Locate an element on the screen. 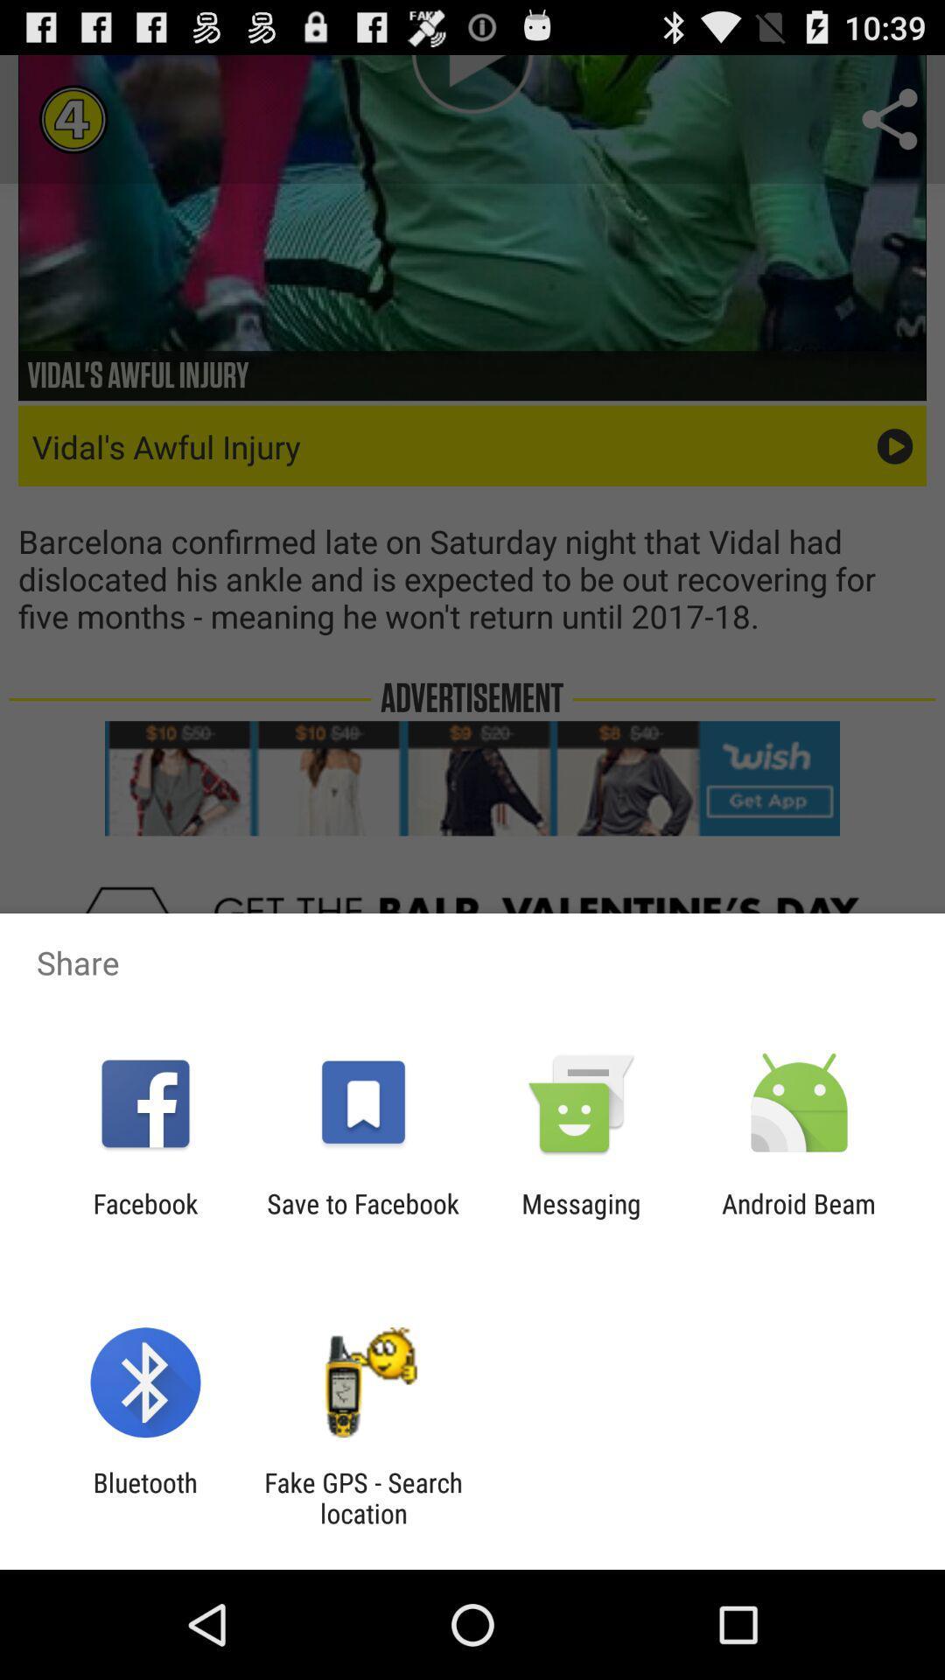  the app to the right of the facebook item is located at coordinates (362, 1218).